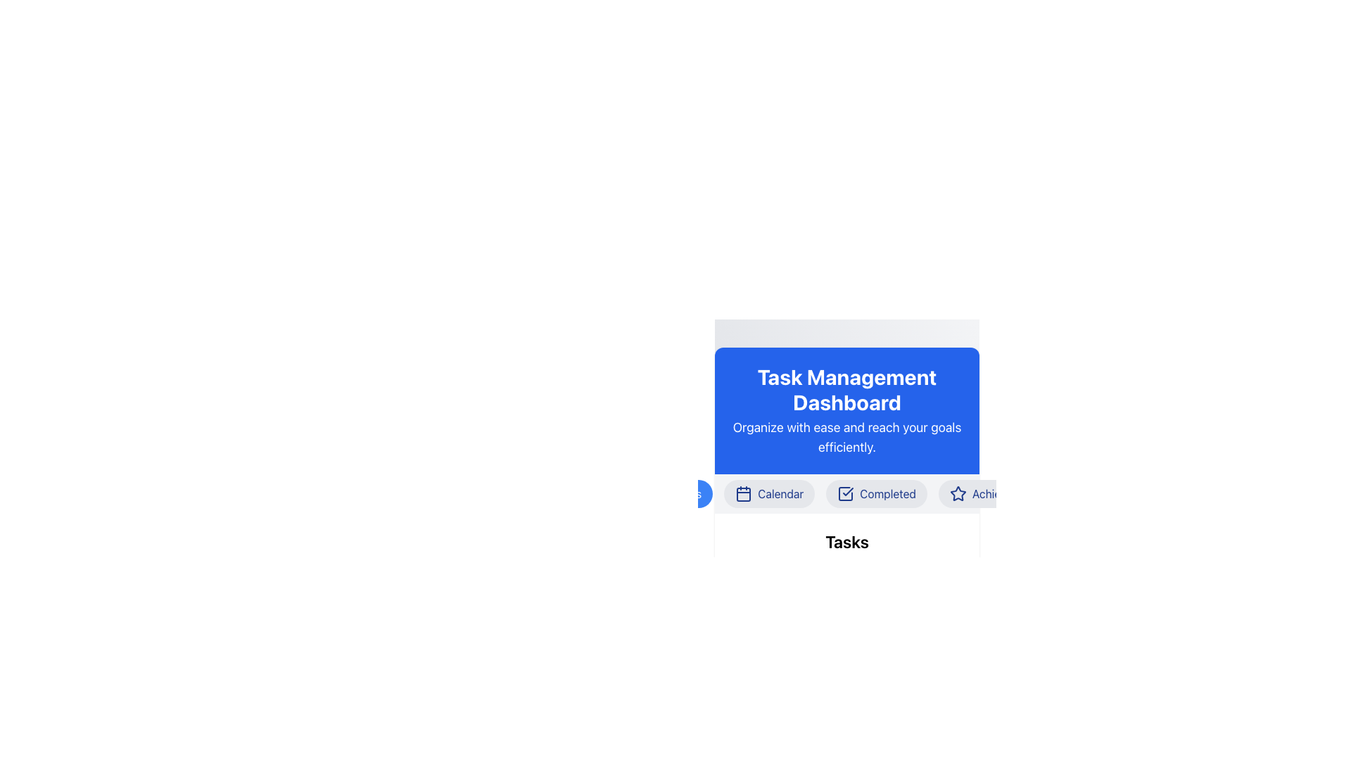 This screenshot has width=1351, height=760. Describe the element at coordinates (768, 493) in the screenshot. I see `the second button in the horizontal navigation menu below the 'Task Management Dashboard'` at that location.